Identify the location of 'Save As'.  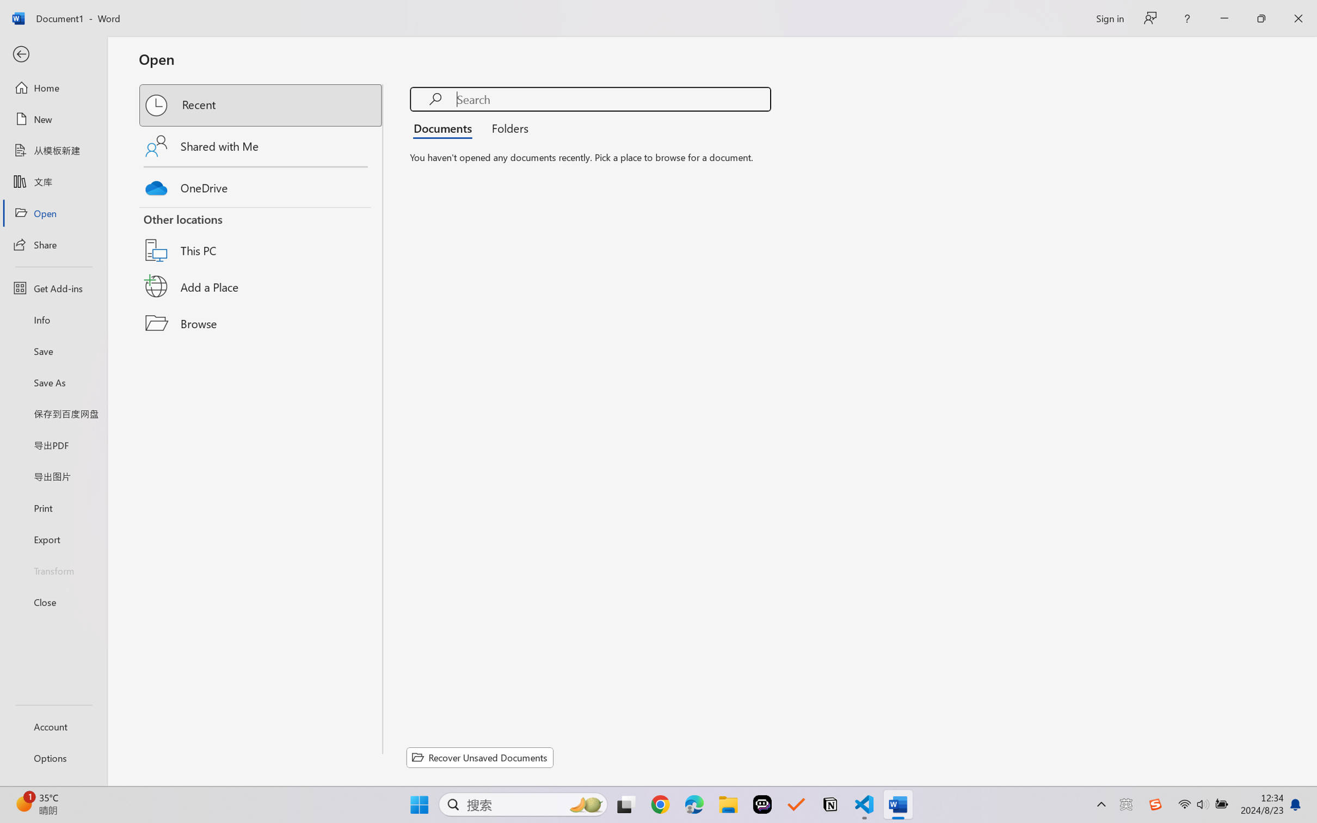
(53, 382).